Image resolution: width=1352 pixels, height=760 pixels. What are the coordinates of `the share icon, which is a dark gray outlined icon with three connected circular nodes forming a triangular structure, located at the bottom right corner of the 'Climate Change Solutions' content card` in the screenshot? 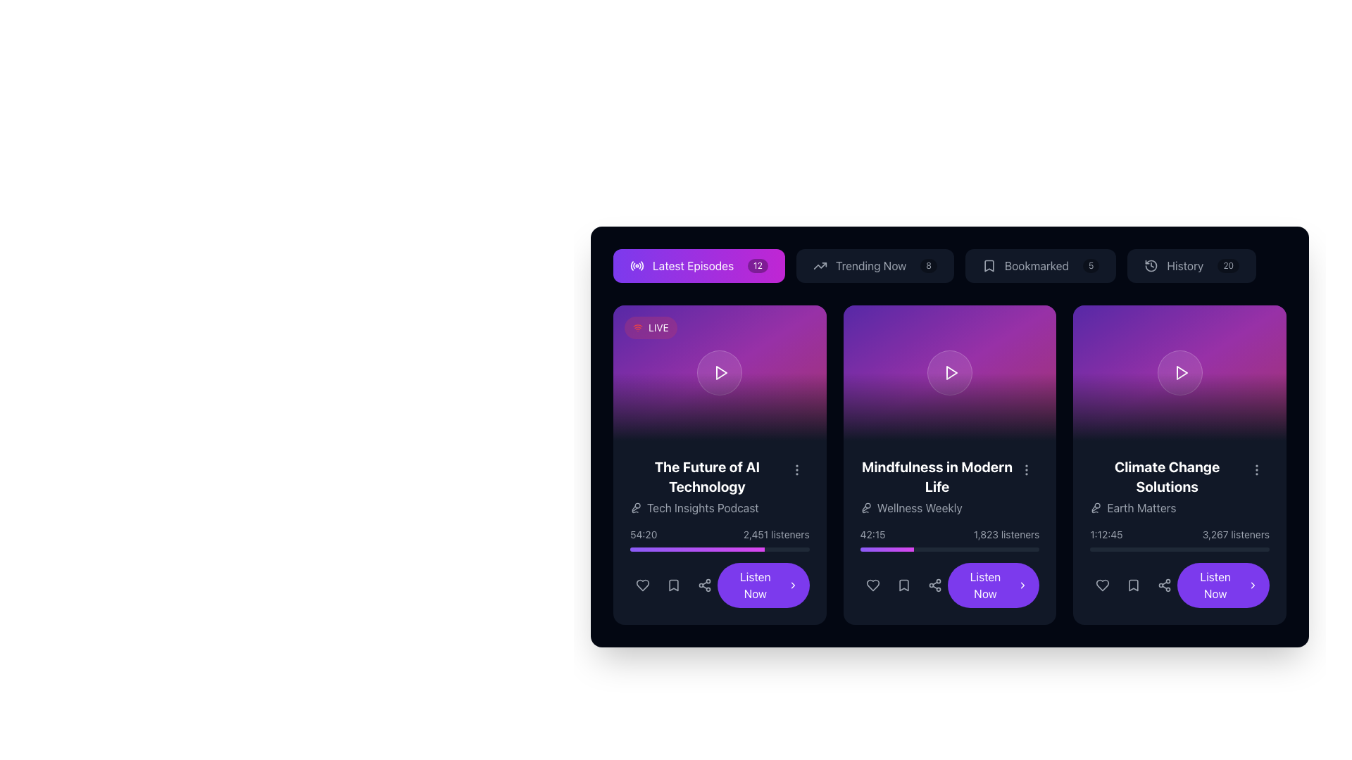 It's located at (1165, 585).